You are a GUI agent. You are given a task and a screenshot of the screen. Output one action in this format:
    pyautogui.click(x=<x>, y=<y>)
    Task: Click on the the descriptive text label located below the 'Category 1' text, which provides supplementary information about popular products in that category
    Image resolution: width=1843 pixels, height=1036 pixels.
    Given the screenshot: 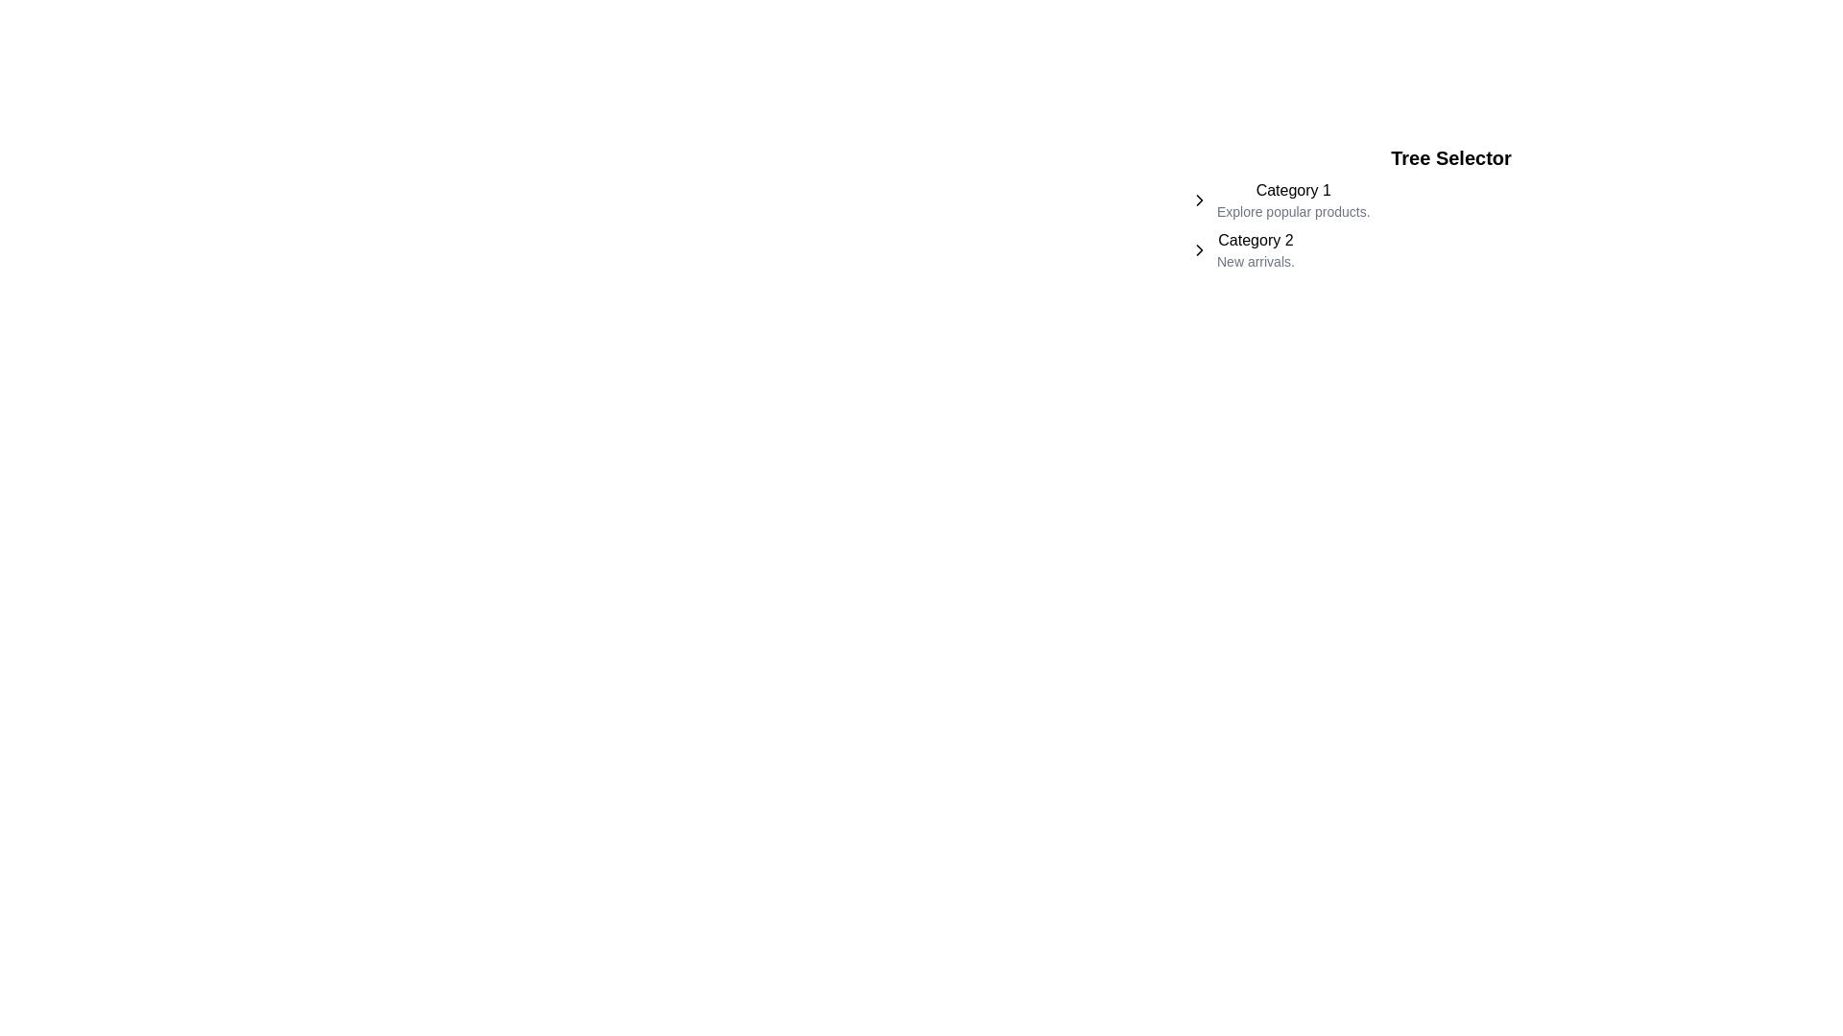 What is the action you would take?
    pyautogui.click(x=1293, y=211)
    